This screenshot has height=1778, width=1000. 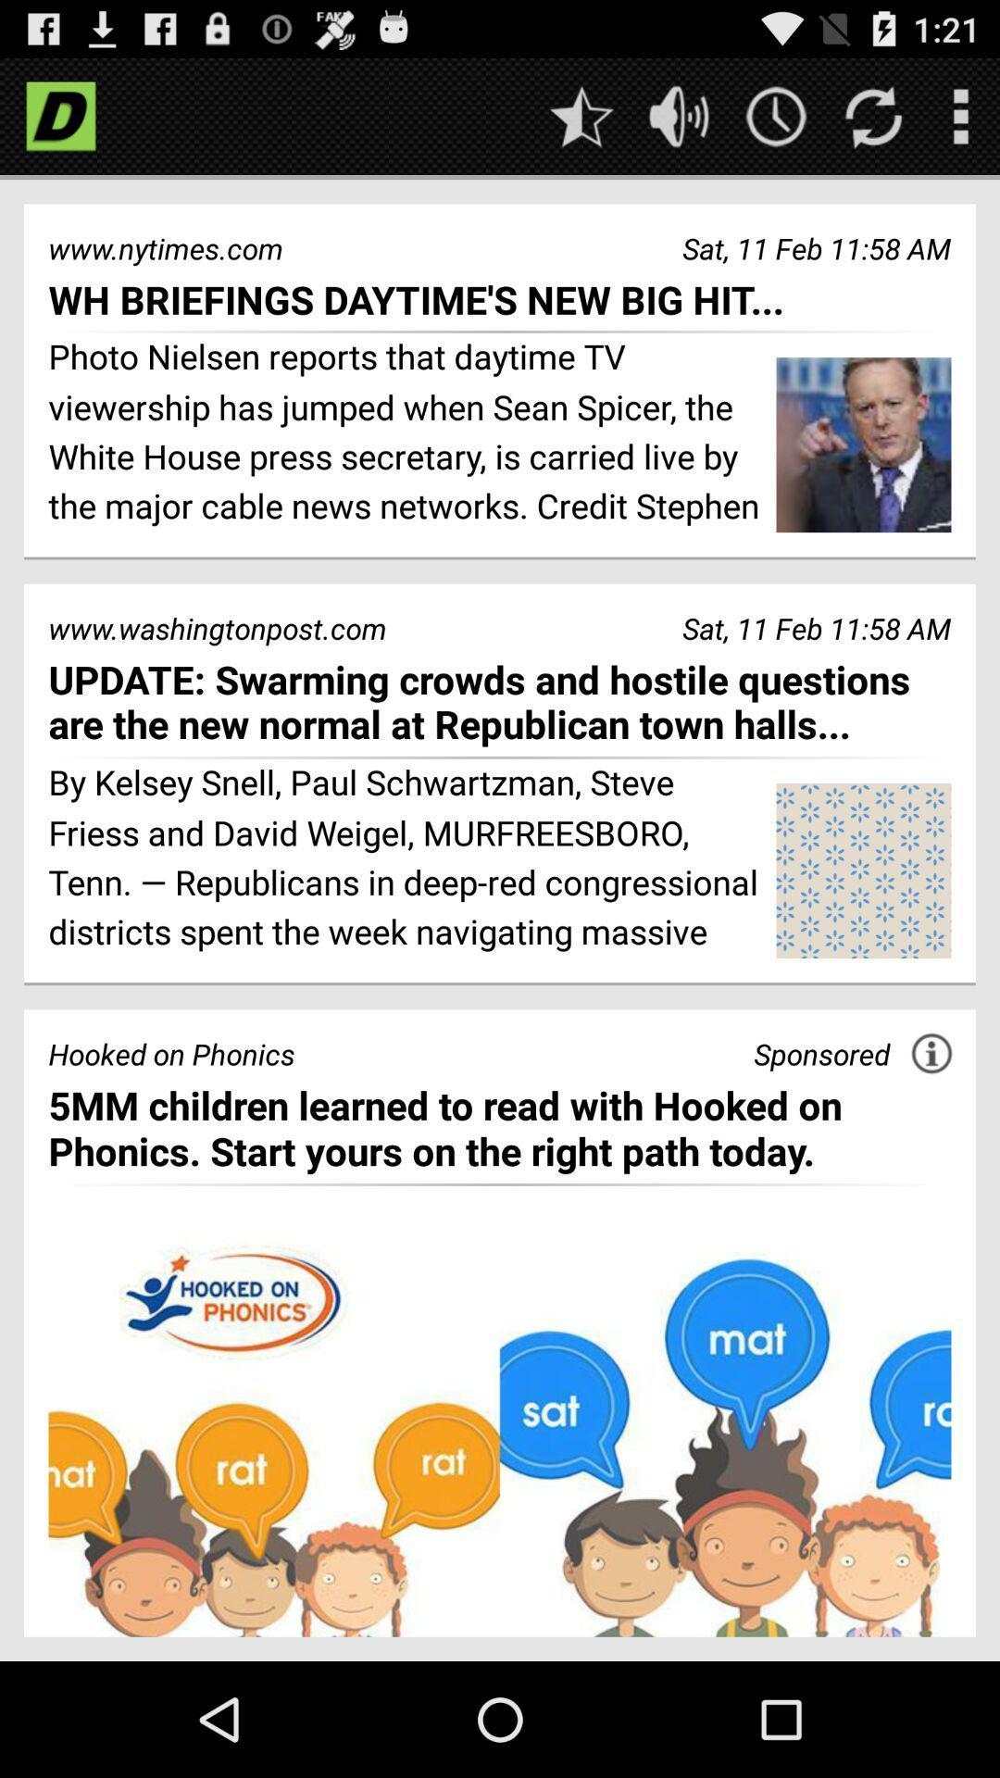 What do you see at coordinates (679, 115) in the screenshot?
I see `volume` at bounding box center [679, 115].